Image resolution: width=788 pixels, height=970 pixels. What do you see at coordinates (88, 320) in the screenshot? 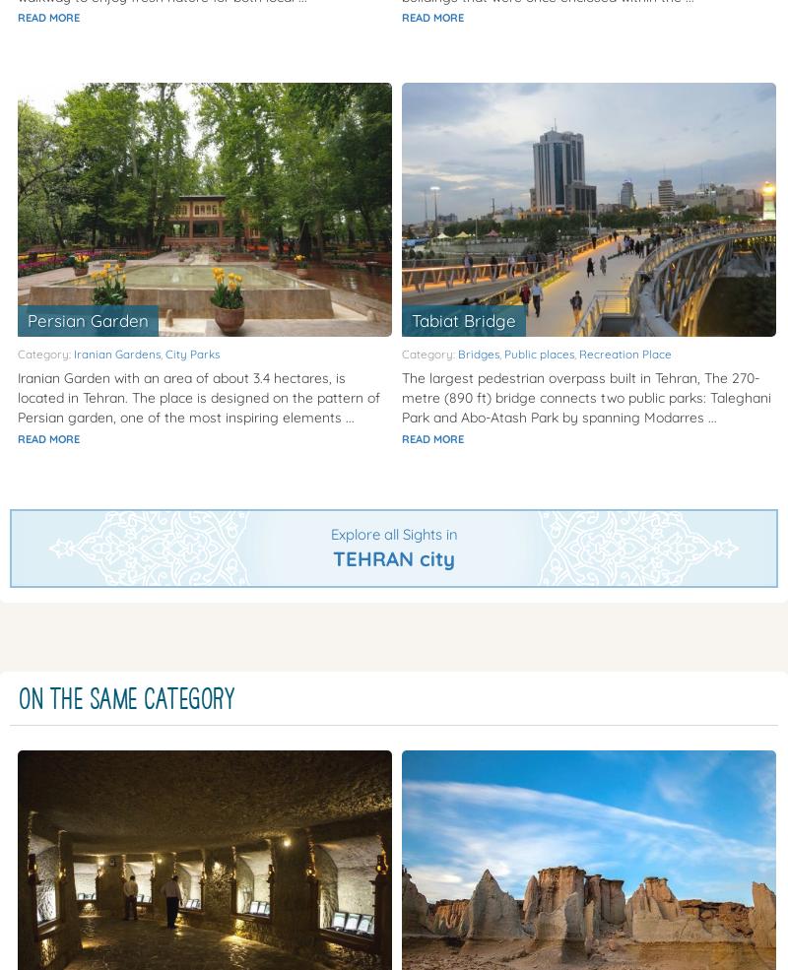
I see `'Persian Garden'` at bounding box center [88, 320].